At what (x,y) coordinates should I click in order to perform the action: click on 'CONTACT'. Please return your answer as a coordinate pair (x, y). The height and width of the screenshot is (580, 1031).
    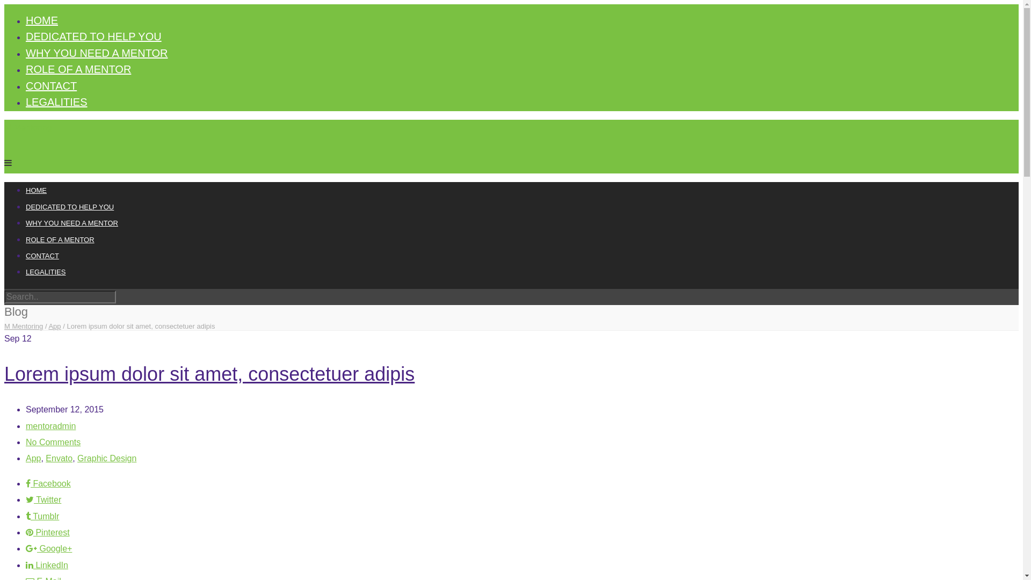
    Looking at the image, I should click on (26, 85).